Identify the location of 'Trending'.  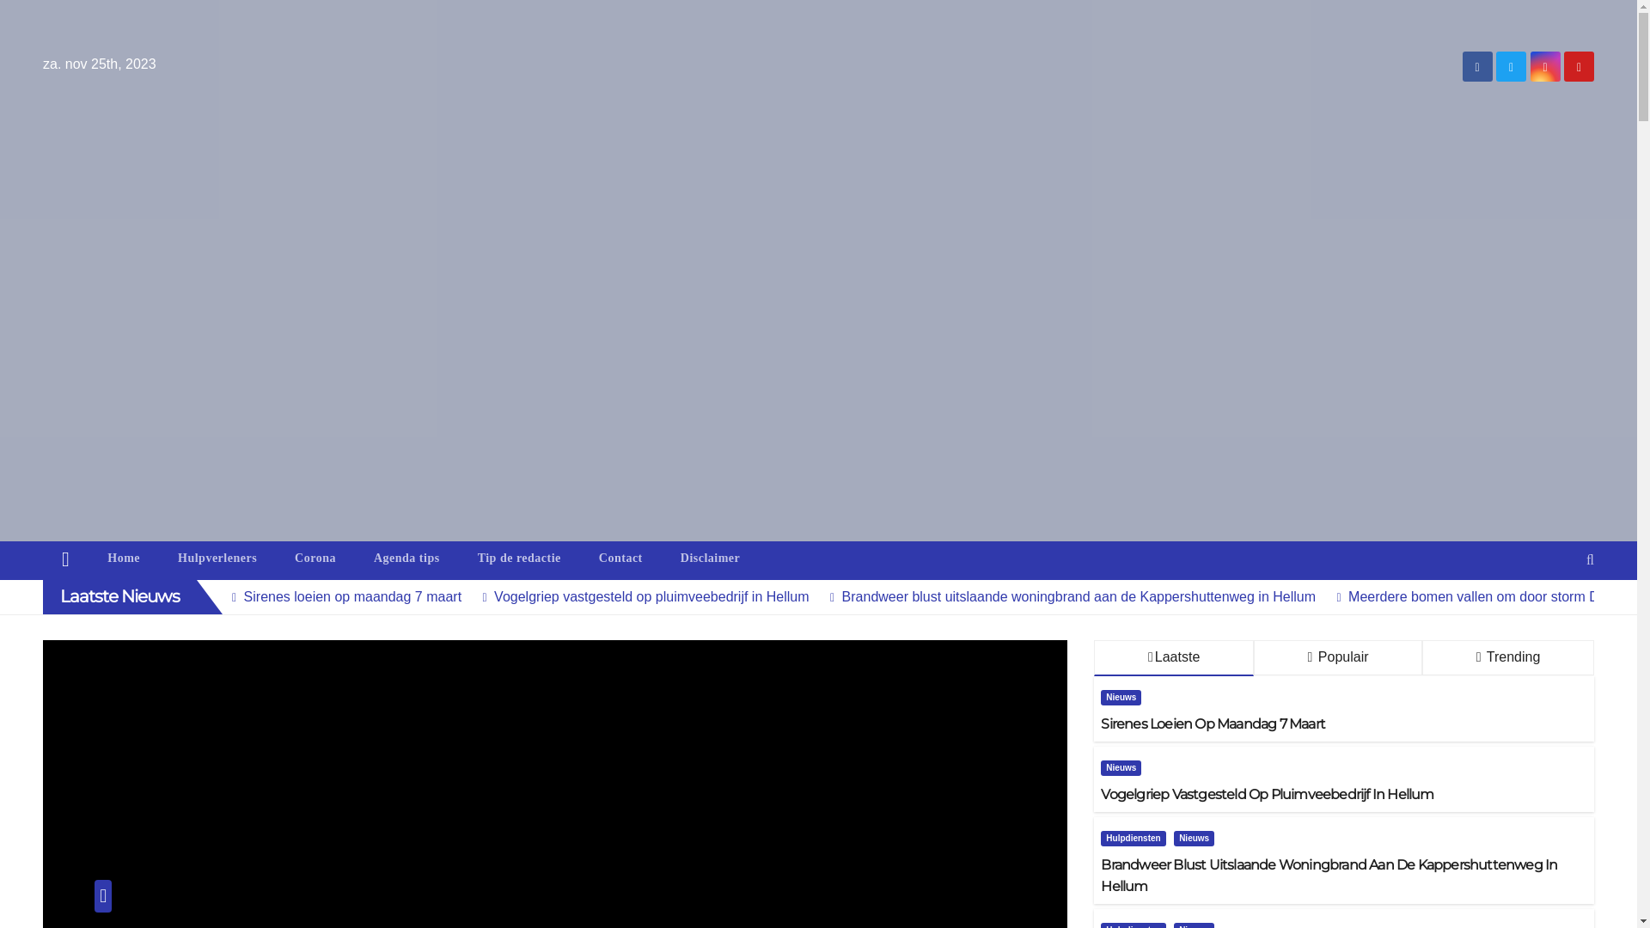
(1507, 657).